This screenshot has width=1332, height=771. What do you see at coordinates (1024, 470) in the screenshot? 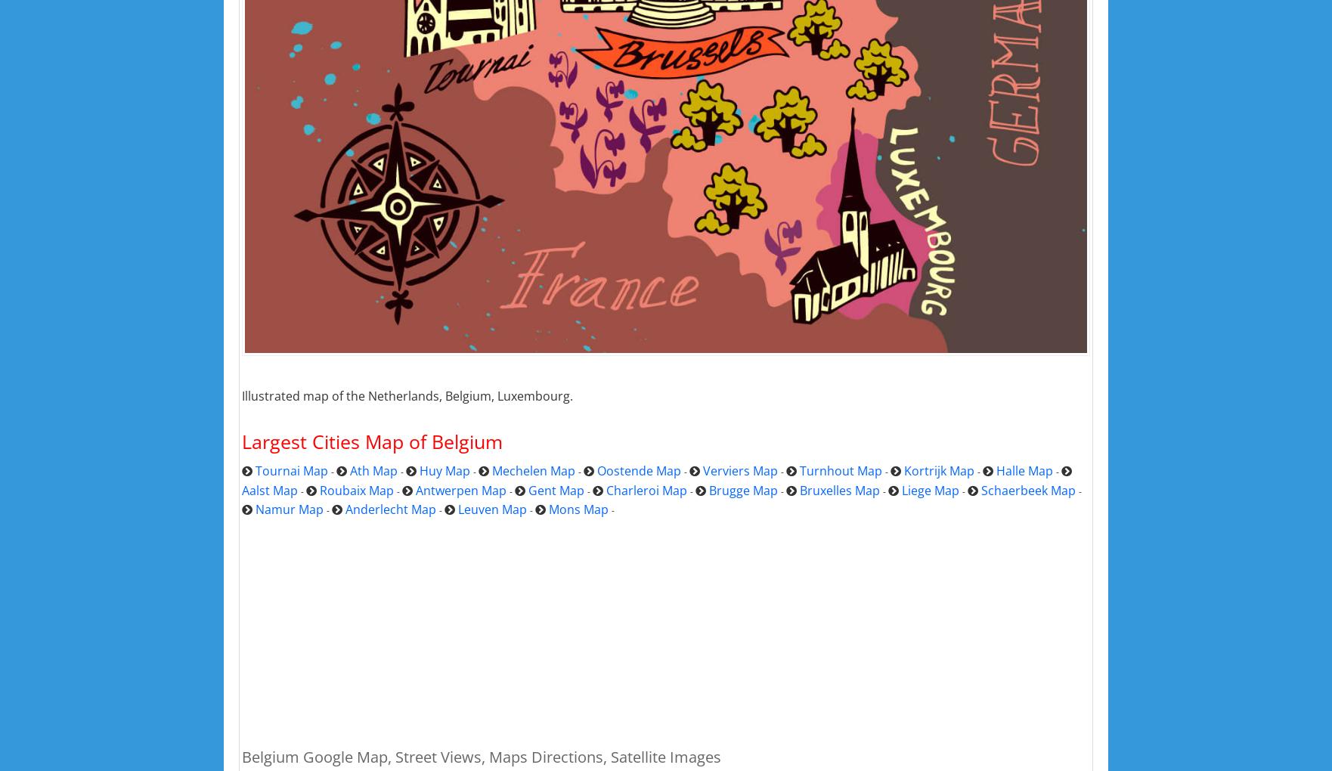
I see `'Halle Map'` at bounding box center [1024, 470].